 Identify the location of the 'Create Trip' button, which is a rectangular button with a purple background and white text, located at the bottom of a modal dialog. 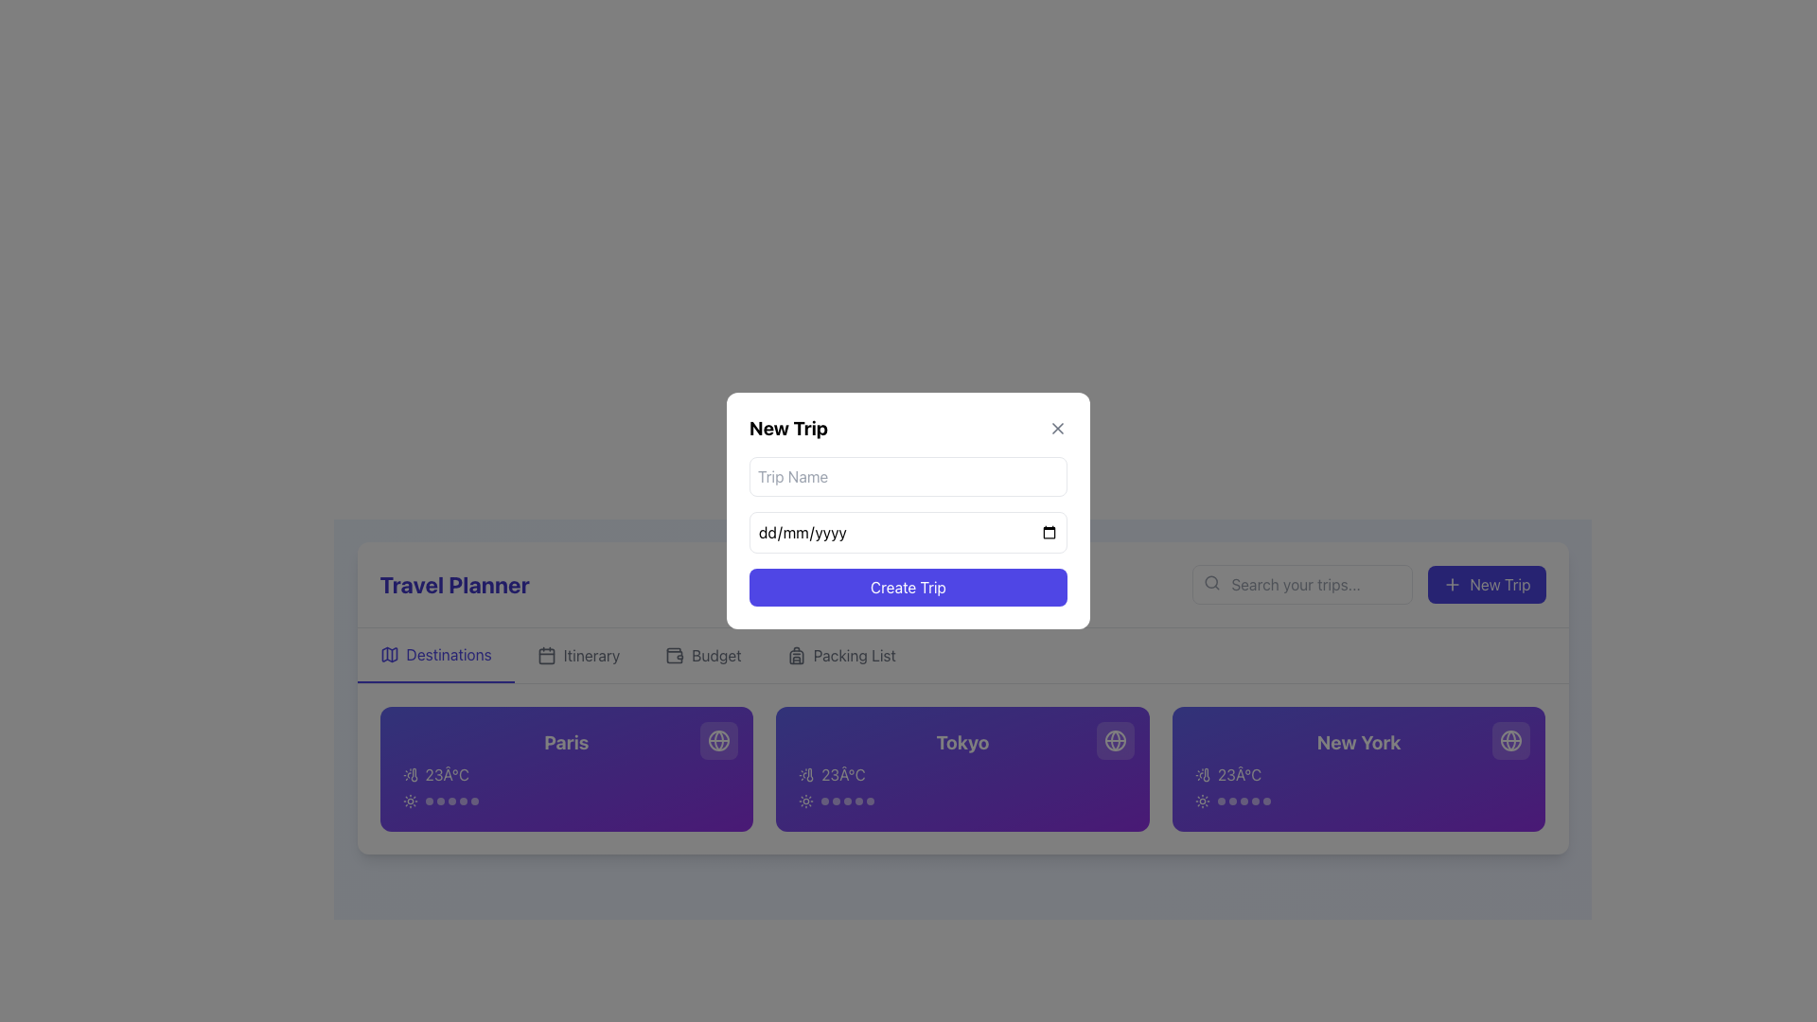
(908, 587).